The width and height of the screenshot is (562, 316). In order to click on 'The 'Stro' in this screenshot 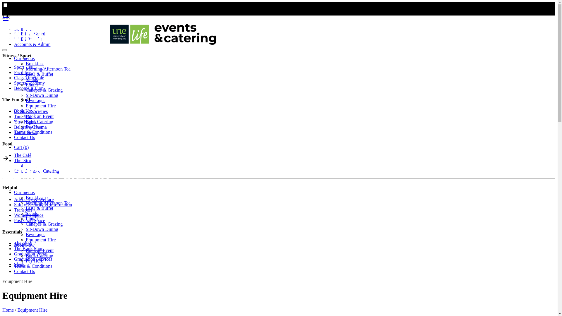, I will do `click(14, 160)`.